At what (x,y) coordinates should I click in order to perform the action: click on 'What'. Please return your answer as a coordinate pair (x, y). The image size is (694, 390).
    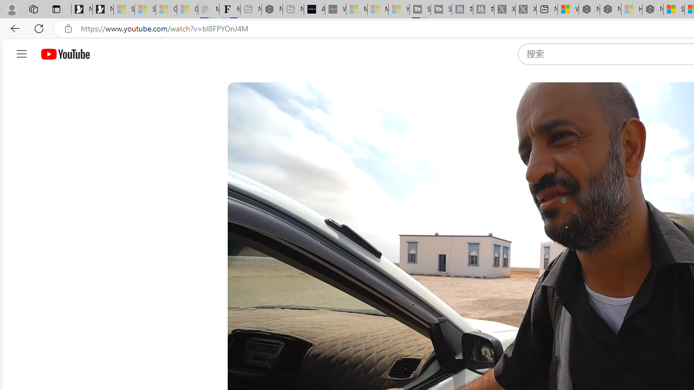
    Looking at the image, I should click on (335, 9).